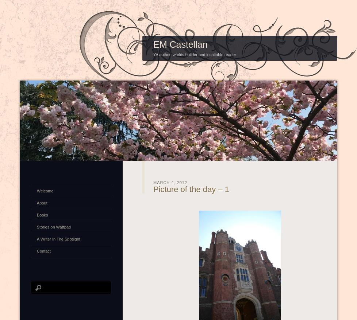 This screenshot has width=357, height=320. I want to click on 'About', so click(42, 202).